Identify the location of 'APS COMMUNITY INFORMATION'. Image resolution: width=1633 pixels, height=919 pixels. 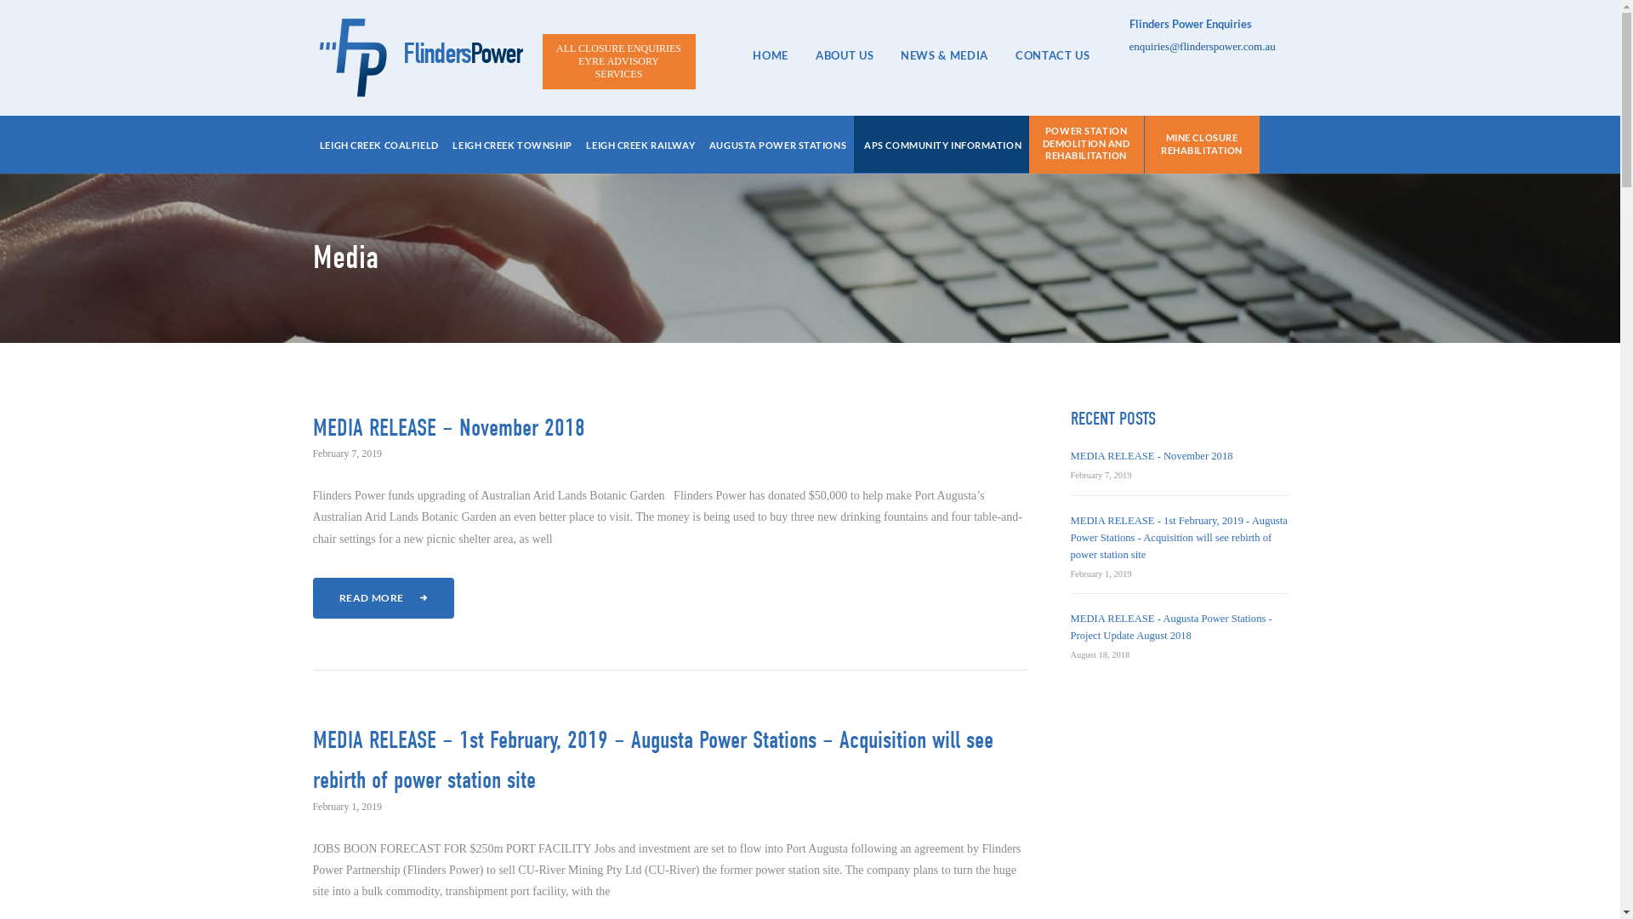
(942, 146).